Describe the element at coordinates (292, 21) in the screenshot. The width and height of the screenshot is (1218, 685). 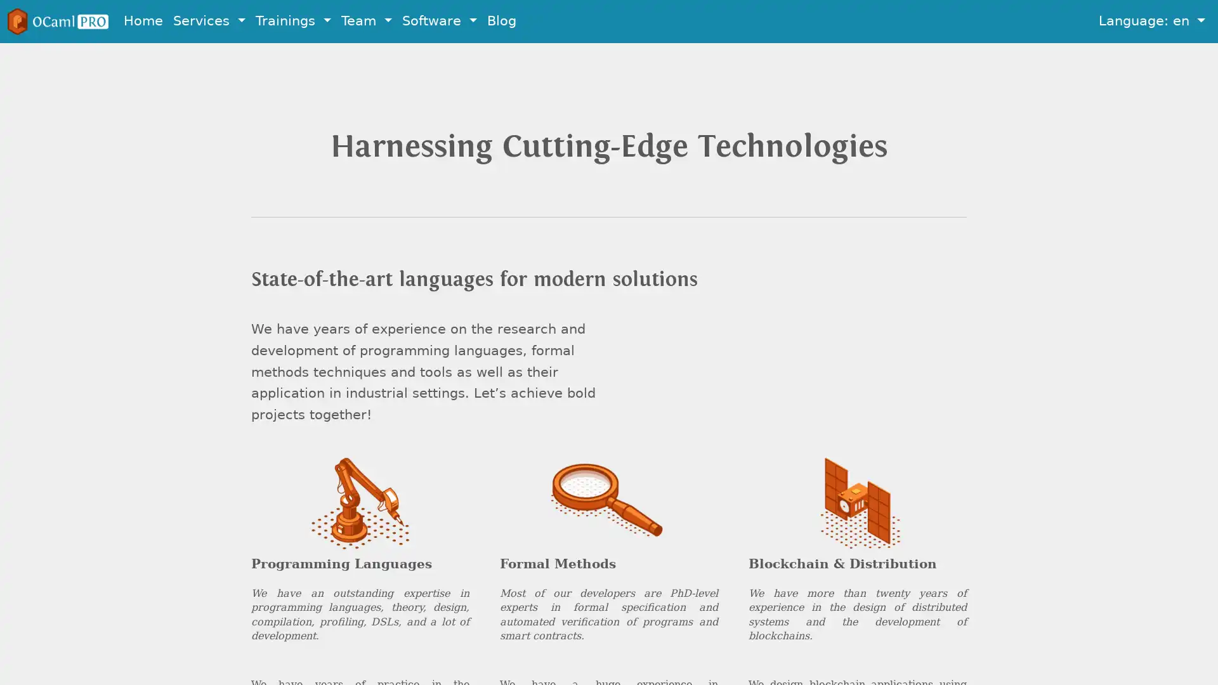
I see `Trainings` at that location.